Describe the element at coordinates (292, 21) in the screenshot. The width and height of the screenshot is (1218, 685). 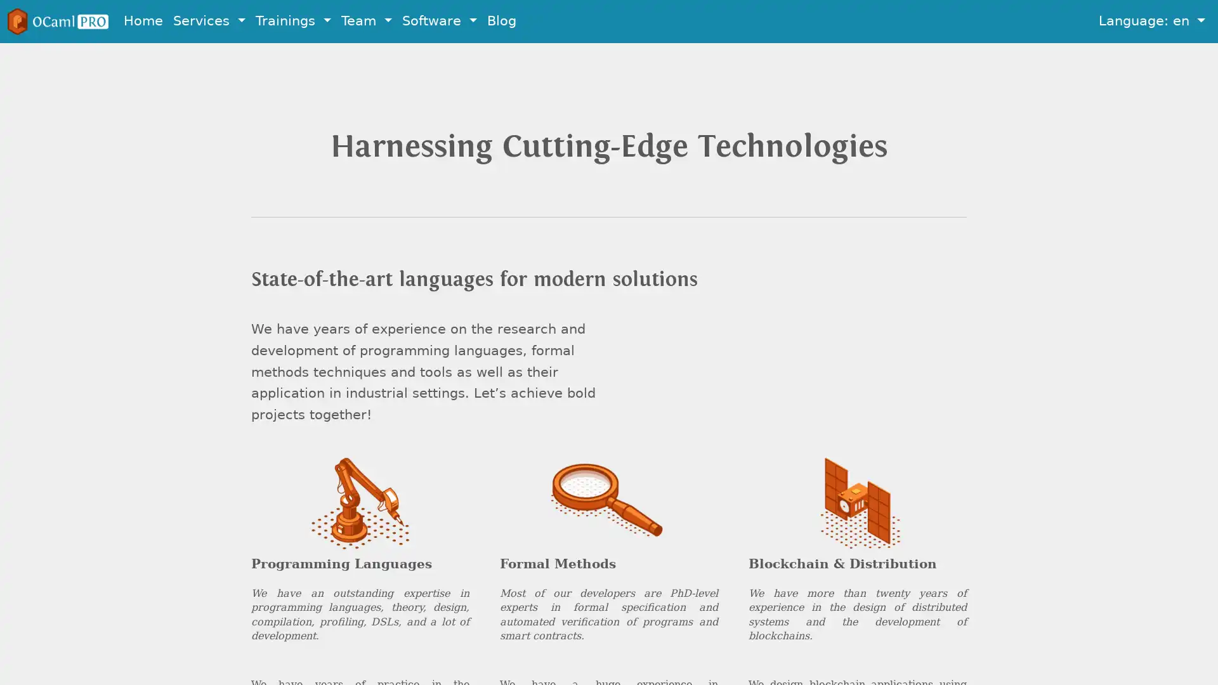
I see `Trainings` at that location.